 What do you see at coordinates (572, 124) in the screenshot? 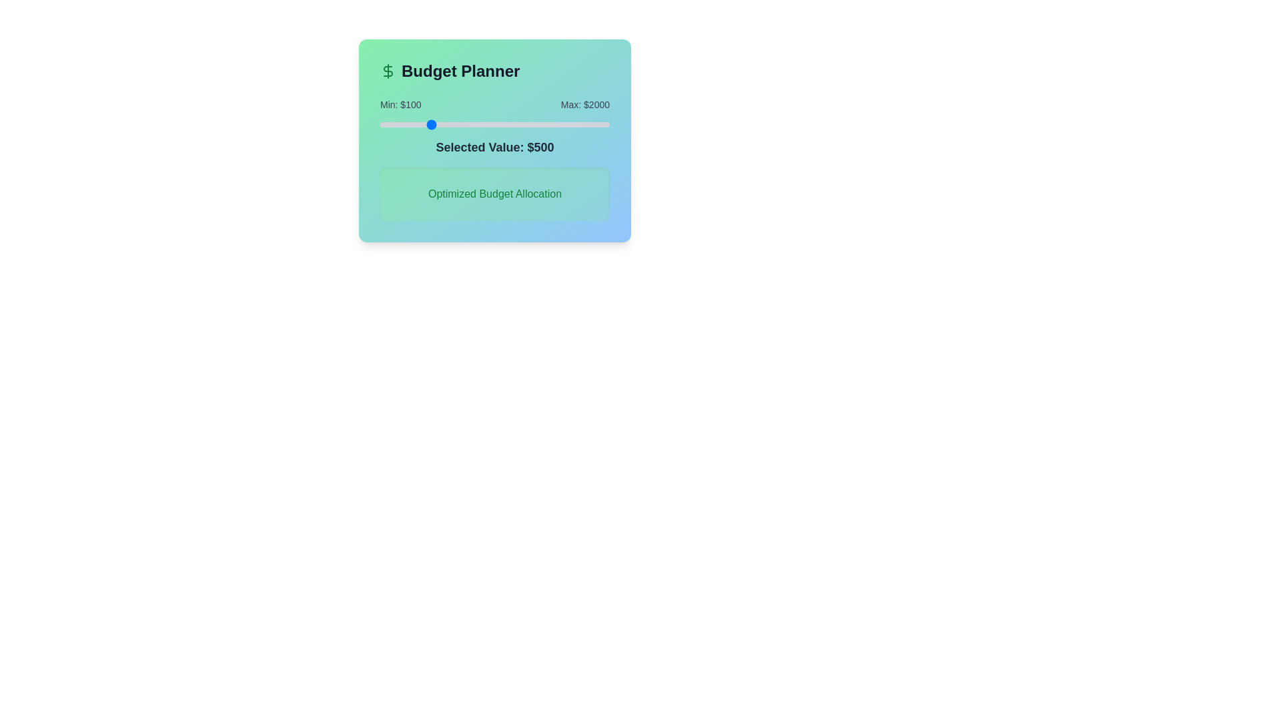
I see `the slider to the desired value 1689` at bounding box center [572, 124].